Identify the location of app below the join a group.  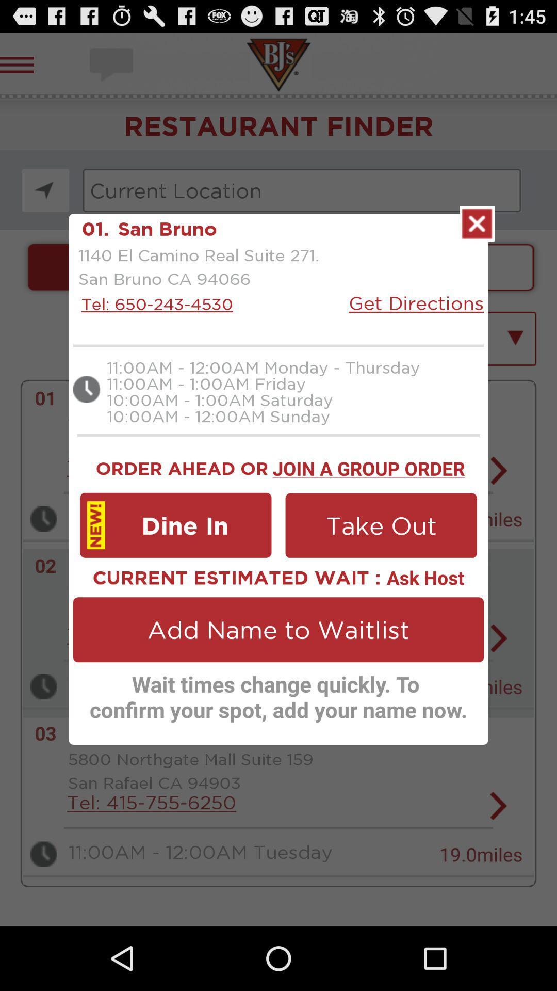
(381, 525).